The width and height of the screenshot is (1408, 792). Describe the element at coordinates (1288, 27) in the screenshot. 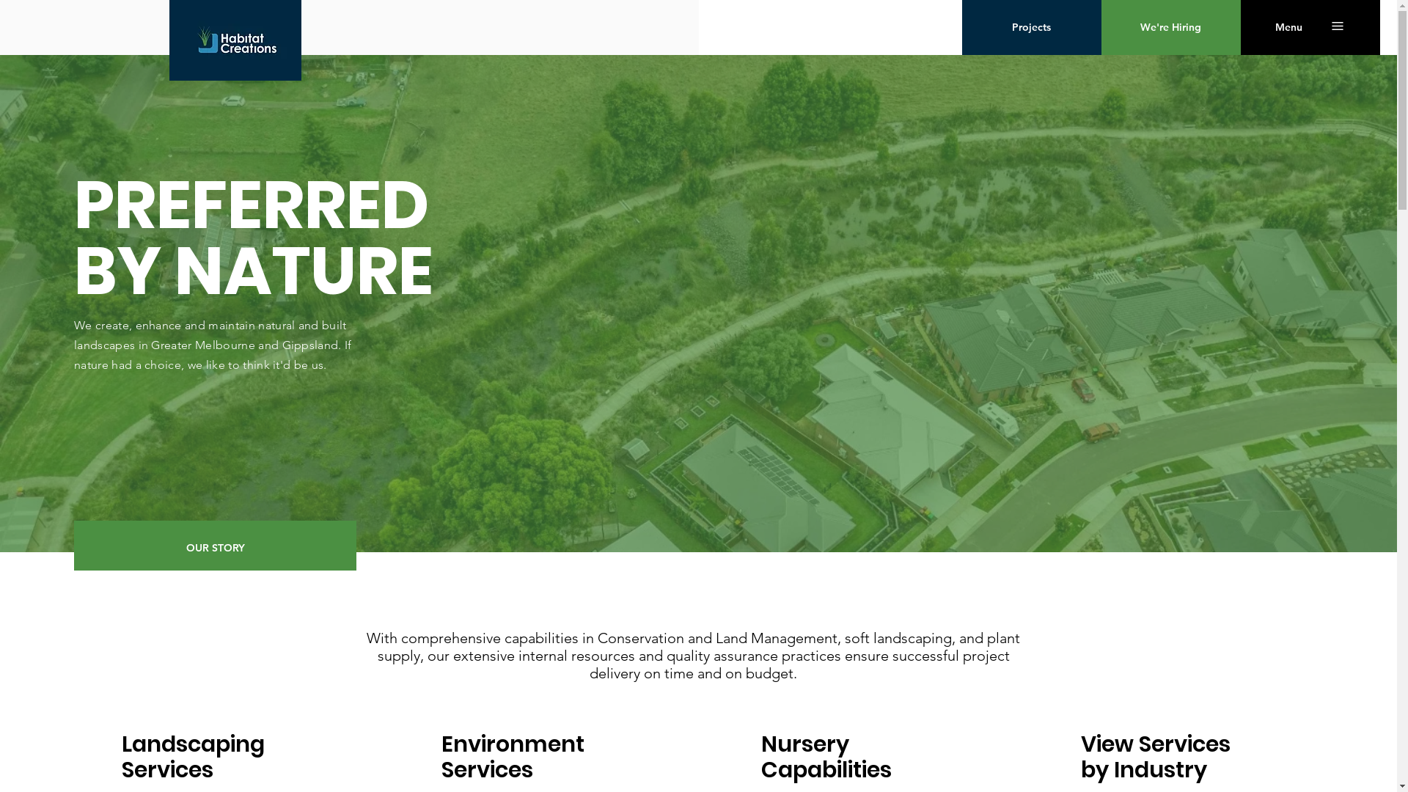

I see `'Menu'` at that location.